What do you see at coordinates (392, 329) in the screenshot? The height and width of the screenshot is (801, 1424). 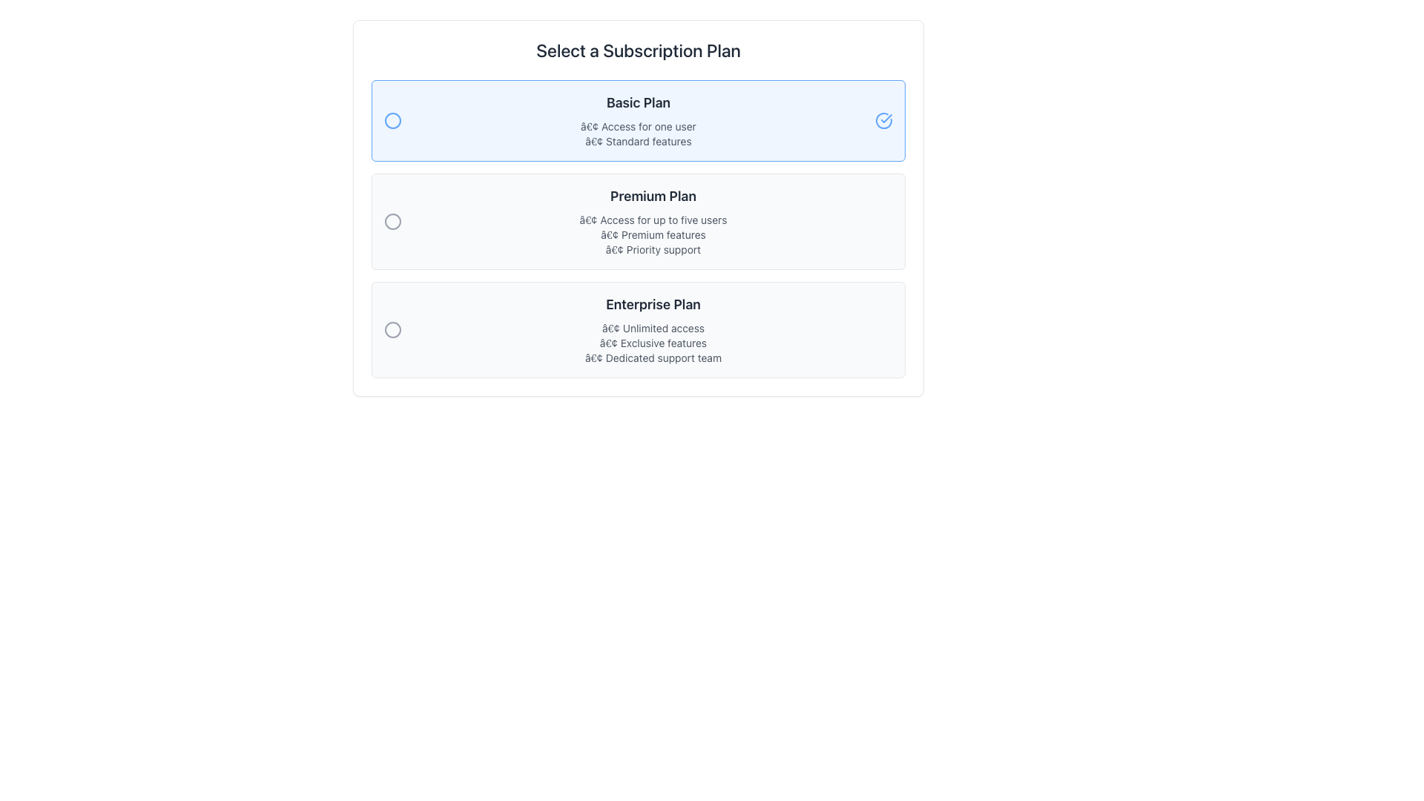 I see `the radio button for the 'Enterprise Plan' subscription option` at bounding box center [392, 329].